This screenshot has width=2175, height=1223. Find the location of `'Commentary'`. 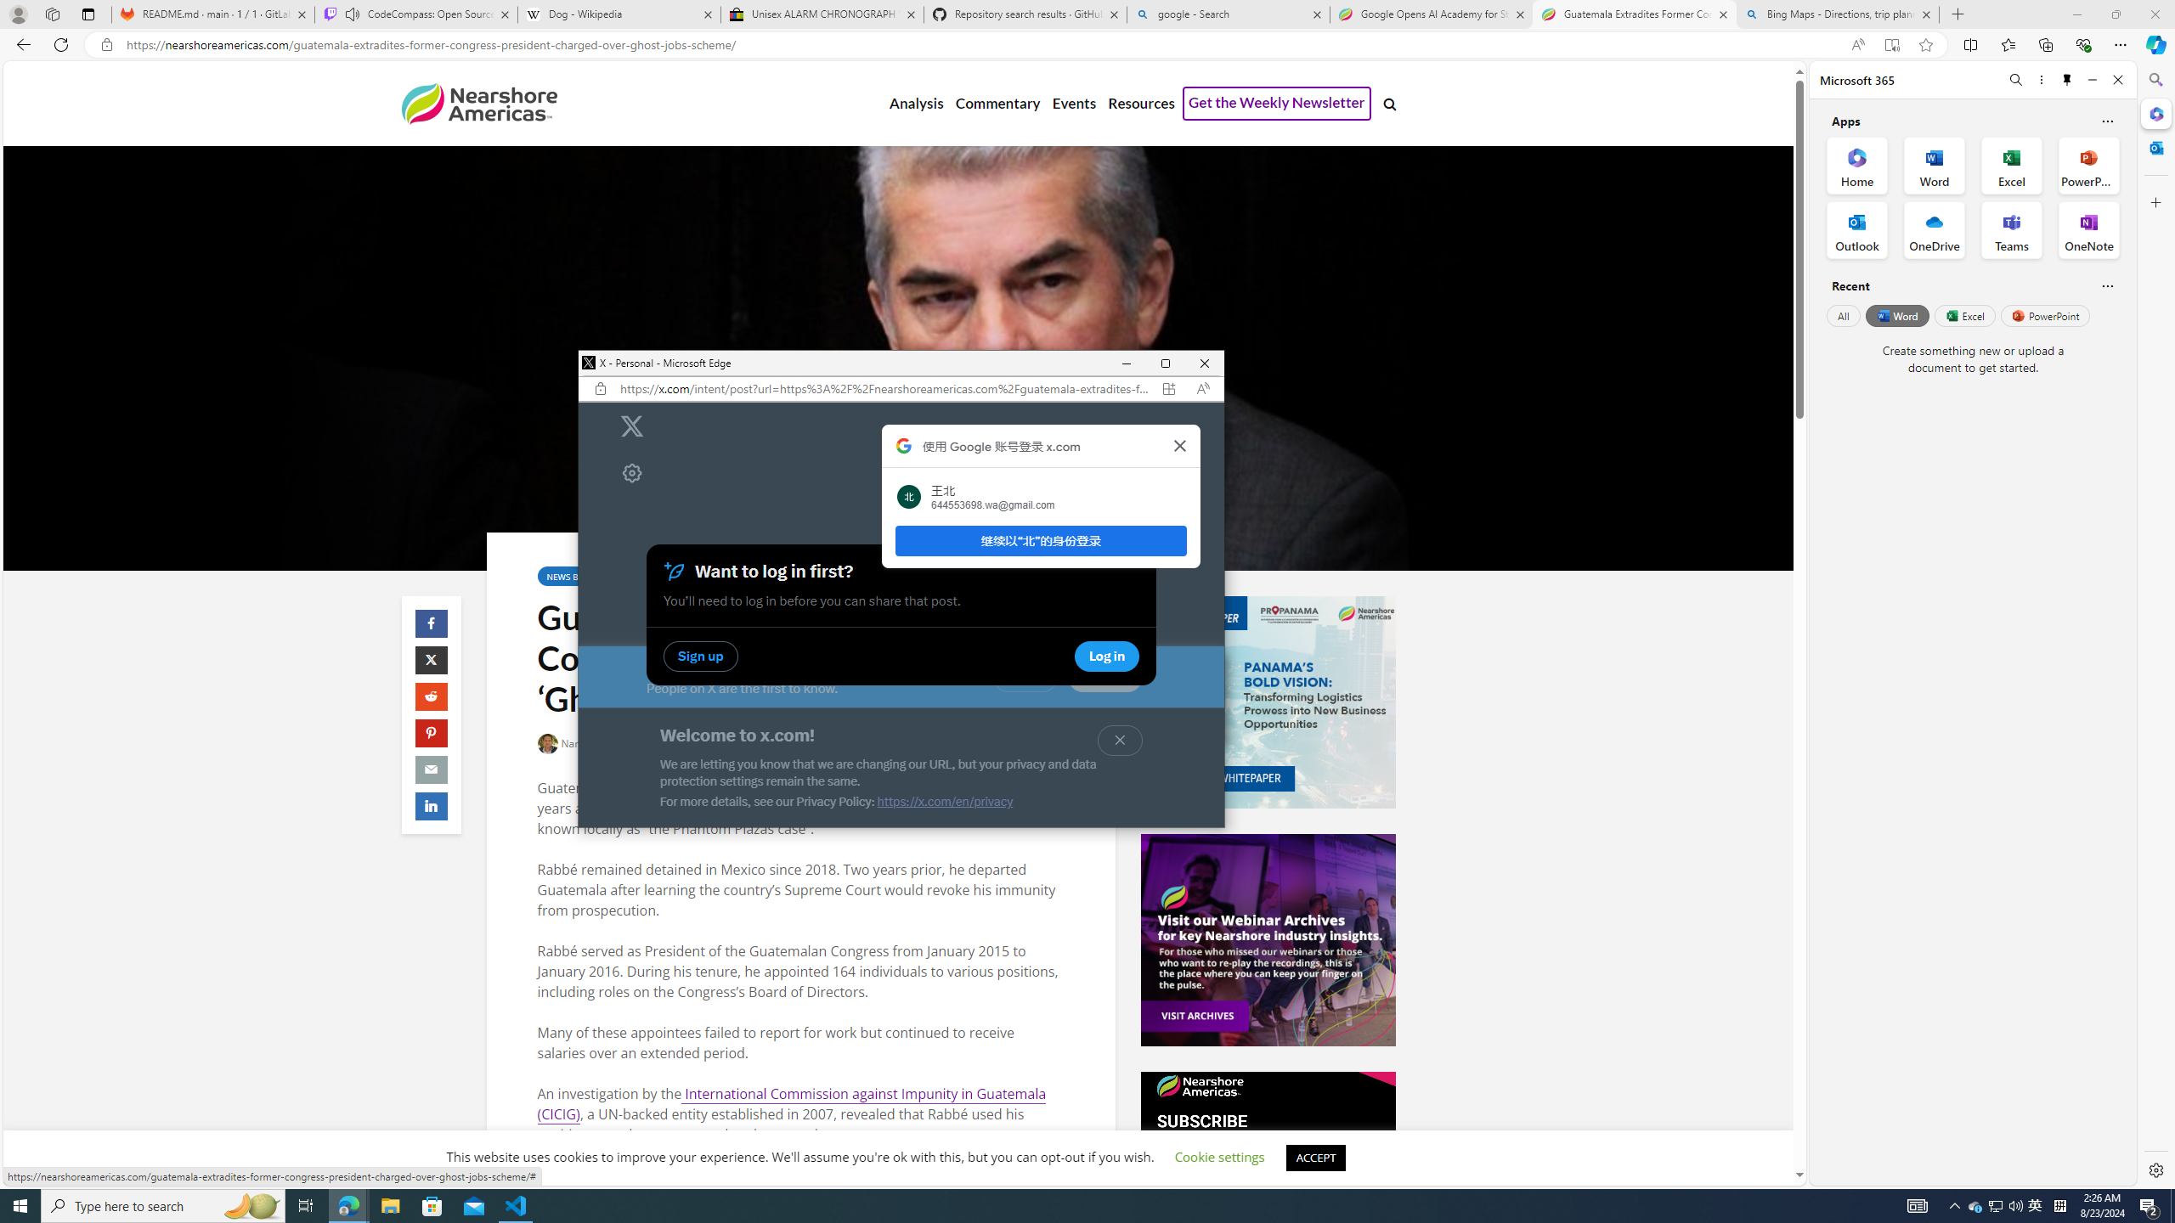

'Commentary' is located at coordinates (997, 104).